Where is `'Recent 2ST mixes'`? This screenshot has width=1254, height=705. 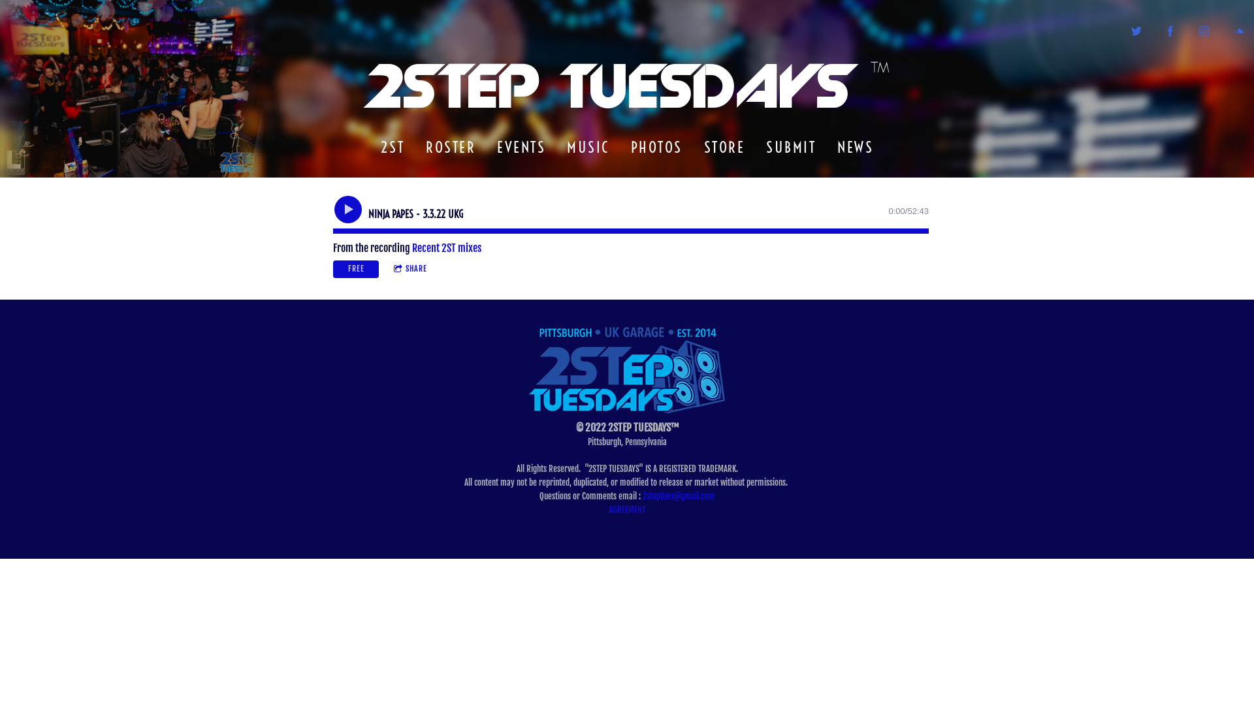 'Recent 2ST mixes' is located at coordinates (411, 248).